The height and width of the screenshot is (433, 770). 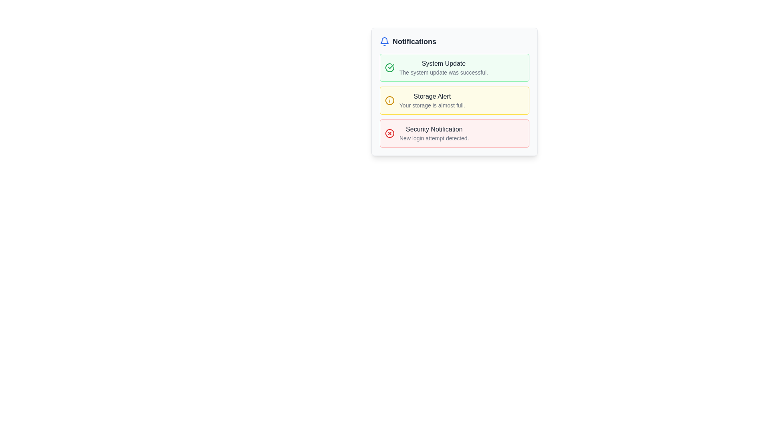 I want to click on the circular outline of the 'info' icon within the 'Storage Alert' notification card in the notifications panel, so click(x=389, y=100).